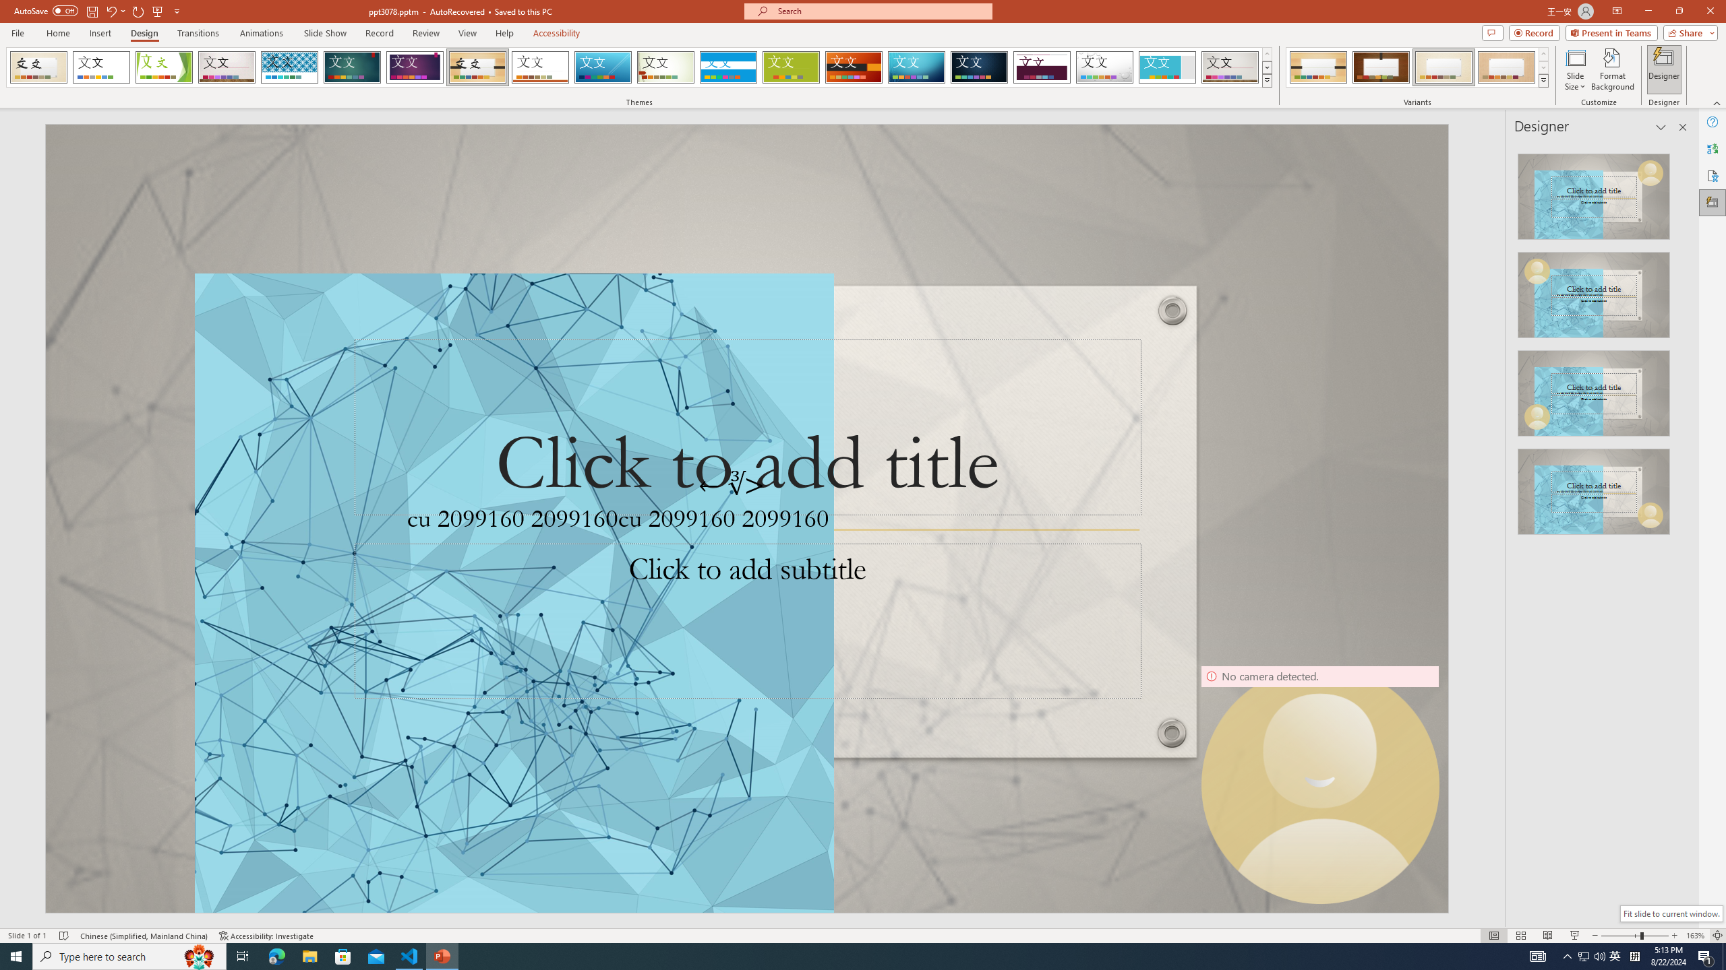 This screenshot has height=970, width=1726. Describe the element at coordinates (176, 10) in the screenshot. I see `'Customize Quick Access Toolbar'` at that location.